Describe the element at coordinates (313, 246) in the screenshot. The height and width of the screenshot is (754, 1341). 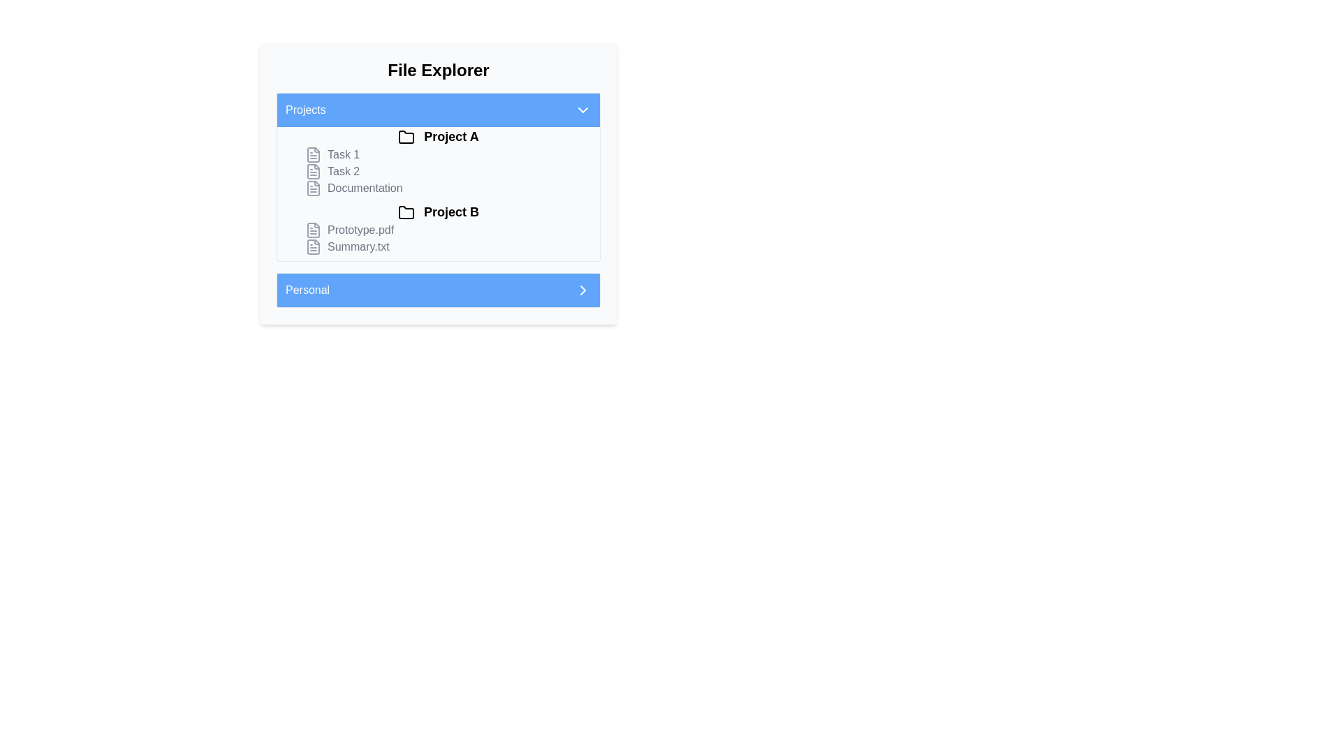
I see `the file icon representing 'Summary.txt', which is the fourth item in the list of projects in the File Explorer interface` at that location.